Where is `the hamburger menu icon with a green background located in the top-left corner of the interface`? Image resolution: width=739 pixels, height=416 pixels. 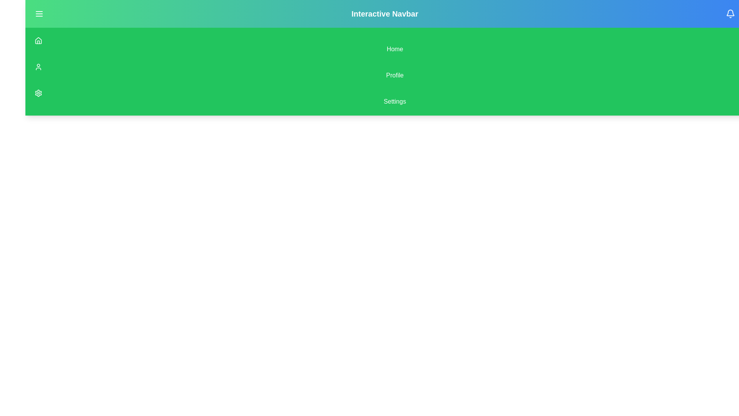 the hamburger menu icon with a green background located in the top-left corner of the interface is located at coordinates (38, 13).